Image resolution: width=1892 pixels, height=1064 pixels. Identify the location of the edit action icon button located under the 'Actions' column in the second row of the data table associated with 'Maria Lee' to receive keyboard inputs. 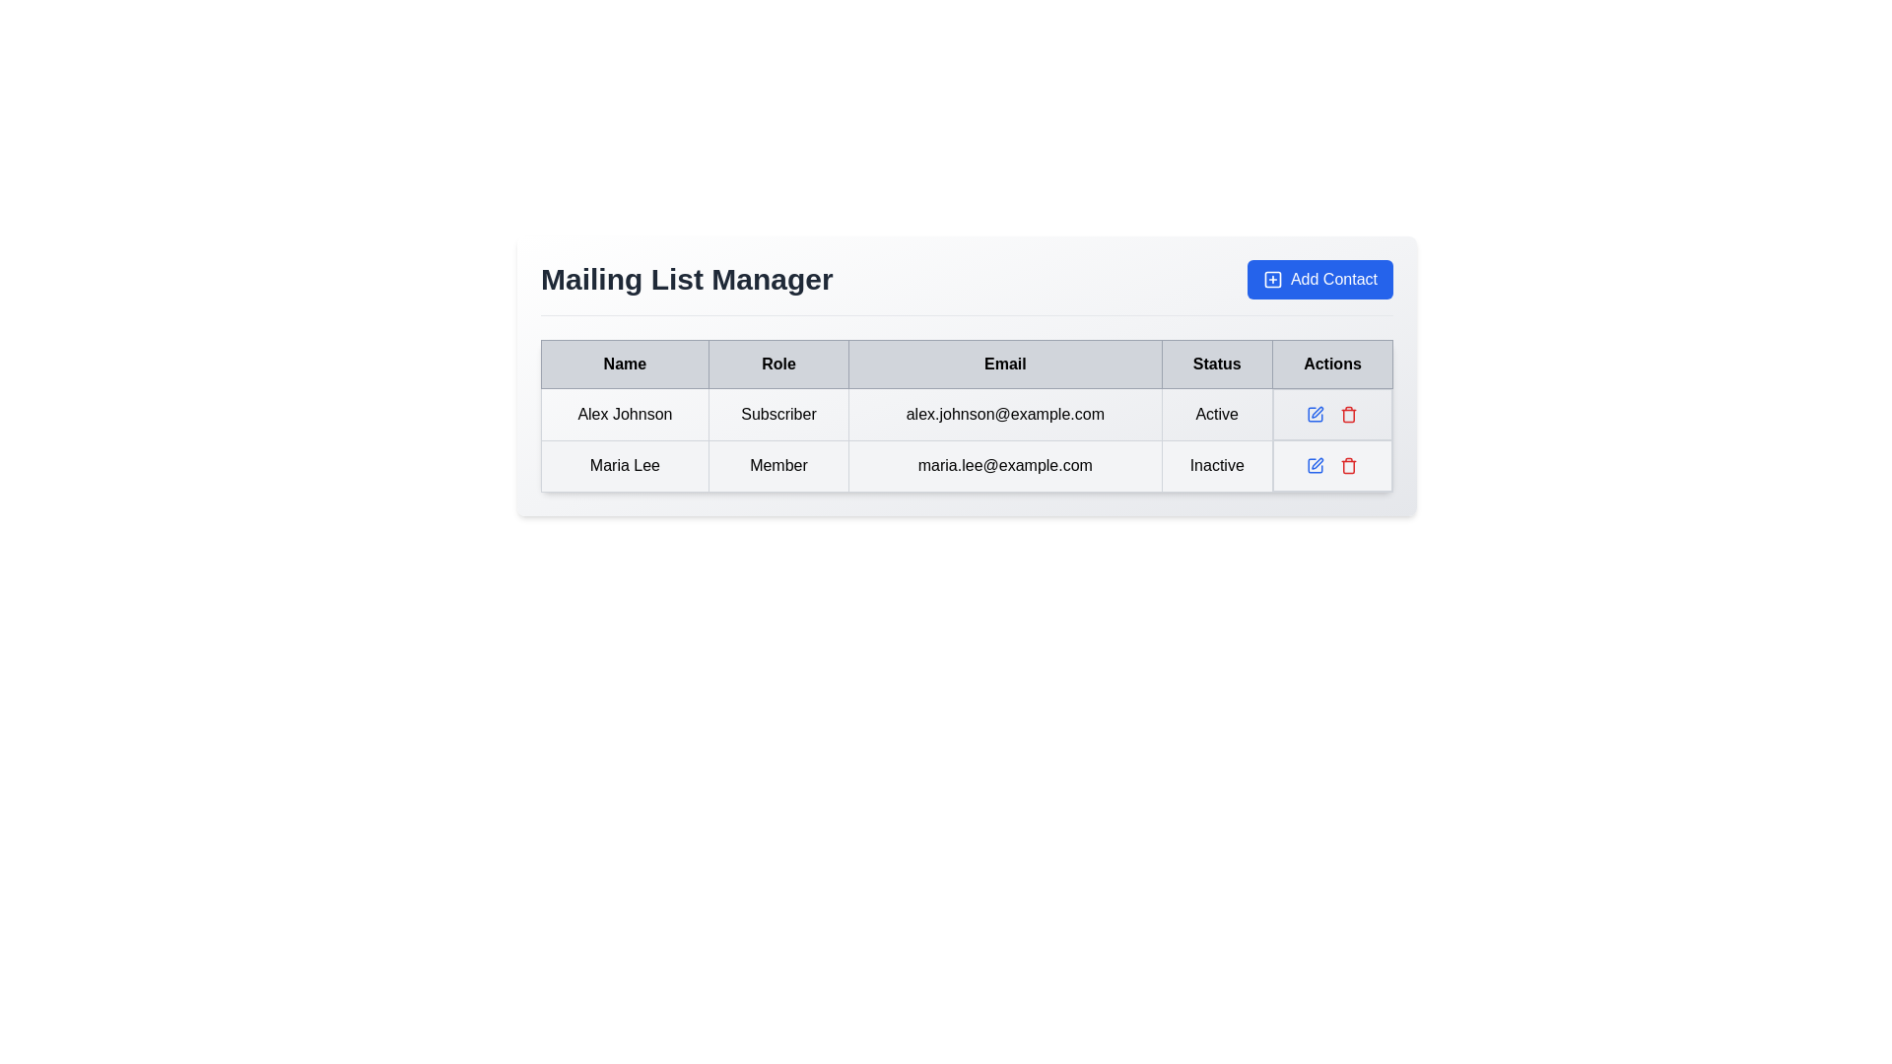
(1316, 466).